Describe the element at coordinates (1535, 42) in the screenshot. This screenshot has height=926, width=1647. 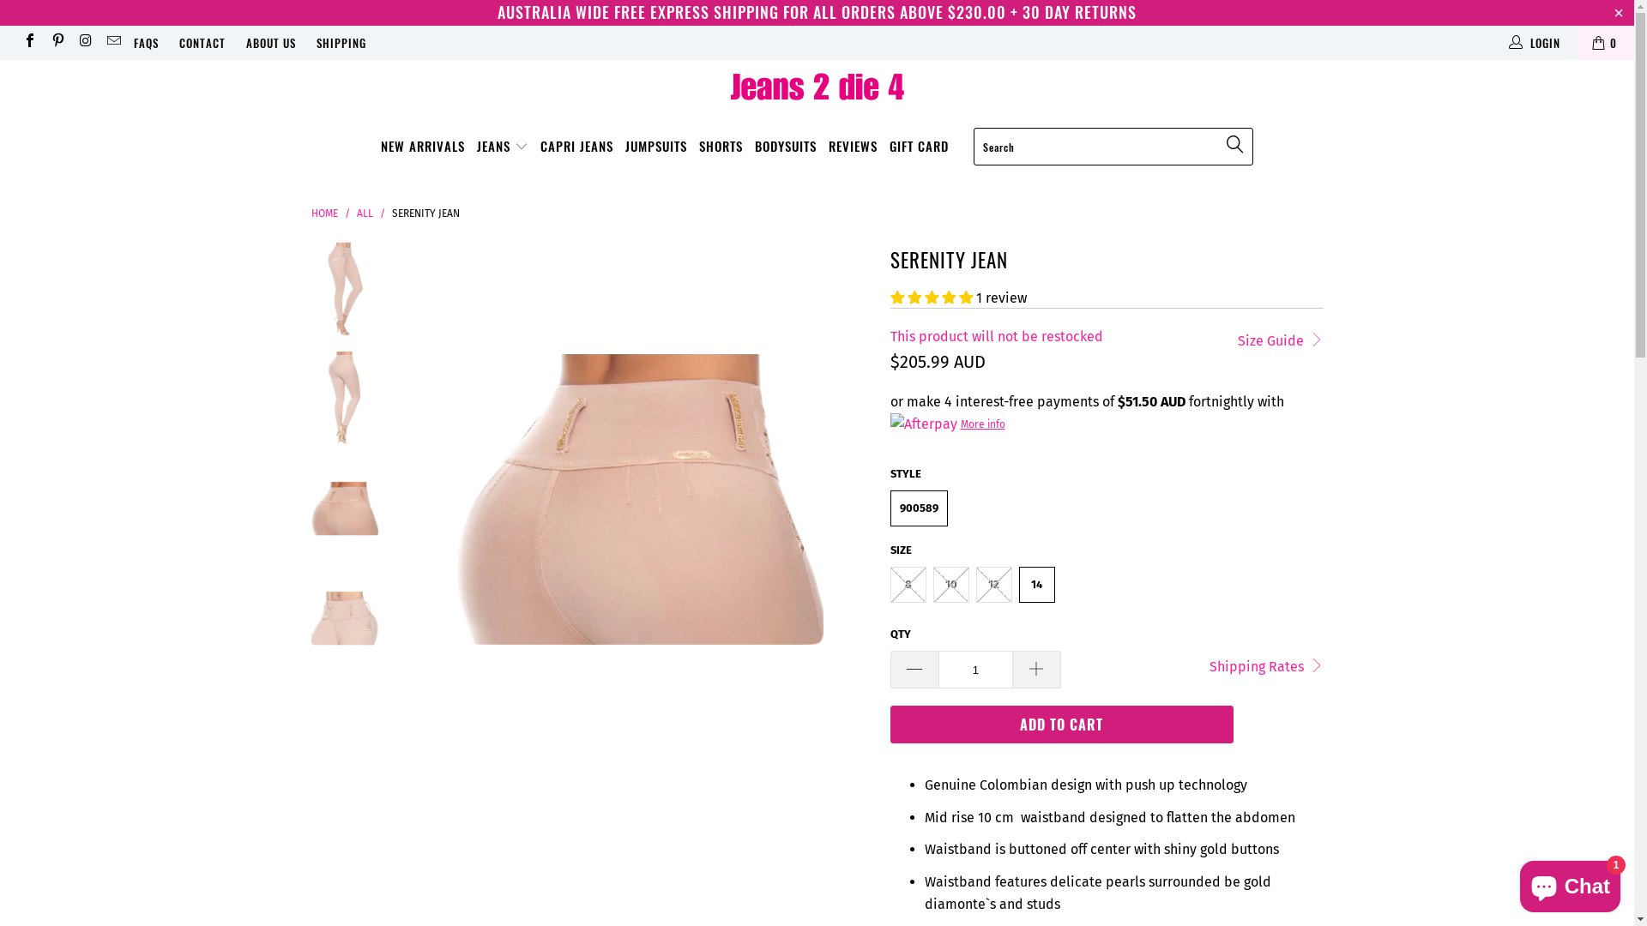
I see `'LOGIN'` at that location.